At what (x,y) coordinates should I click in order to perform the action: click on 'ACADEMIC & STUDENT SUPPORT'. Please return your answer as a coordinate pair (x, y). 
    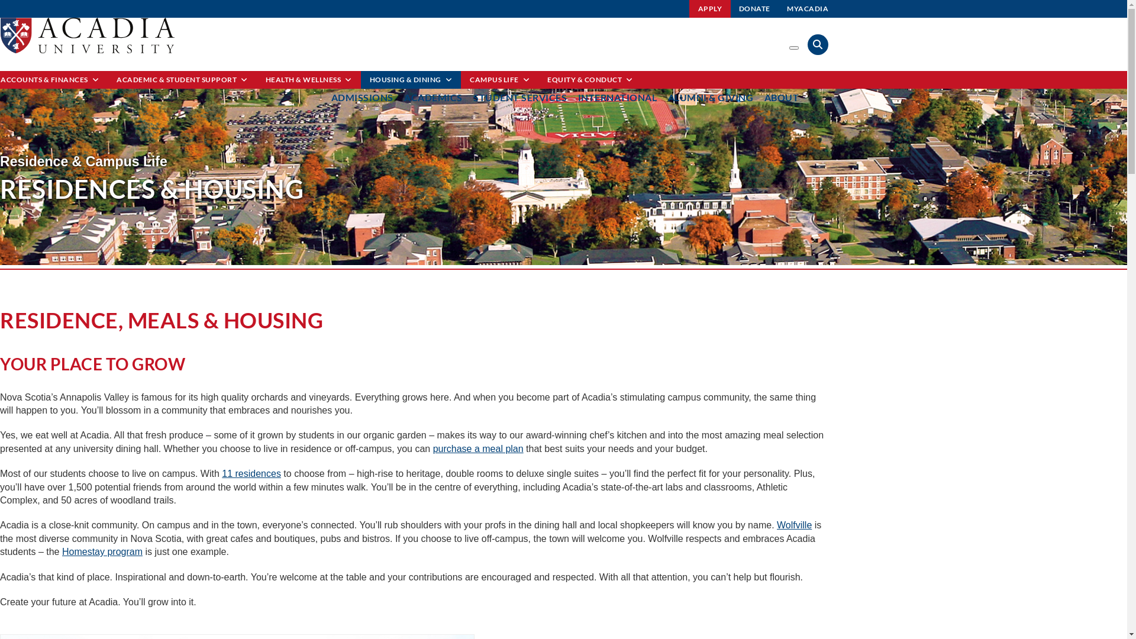
    Looking at the image, I should click on (181, 80).